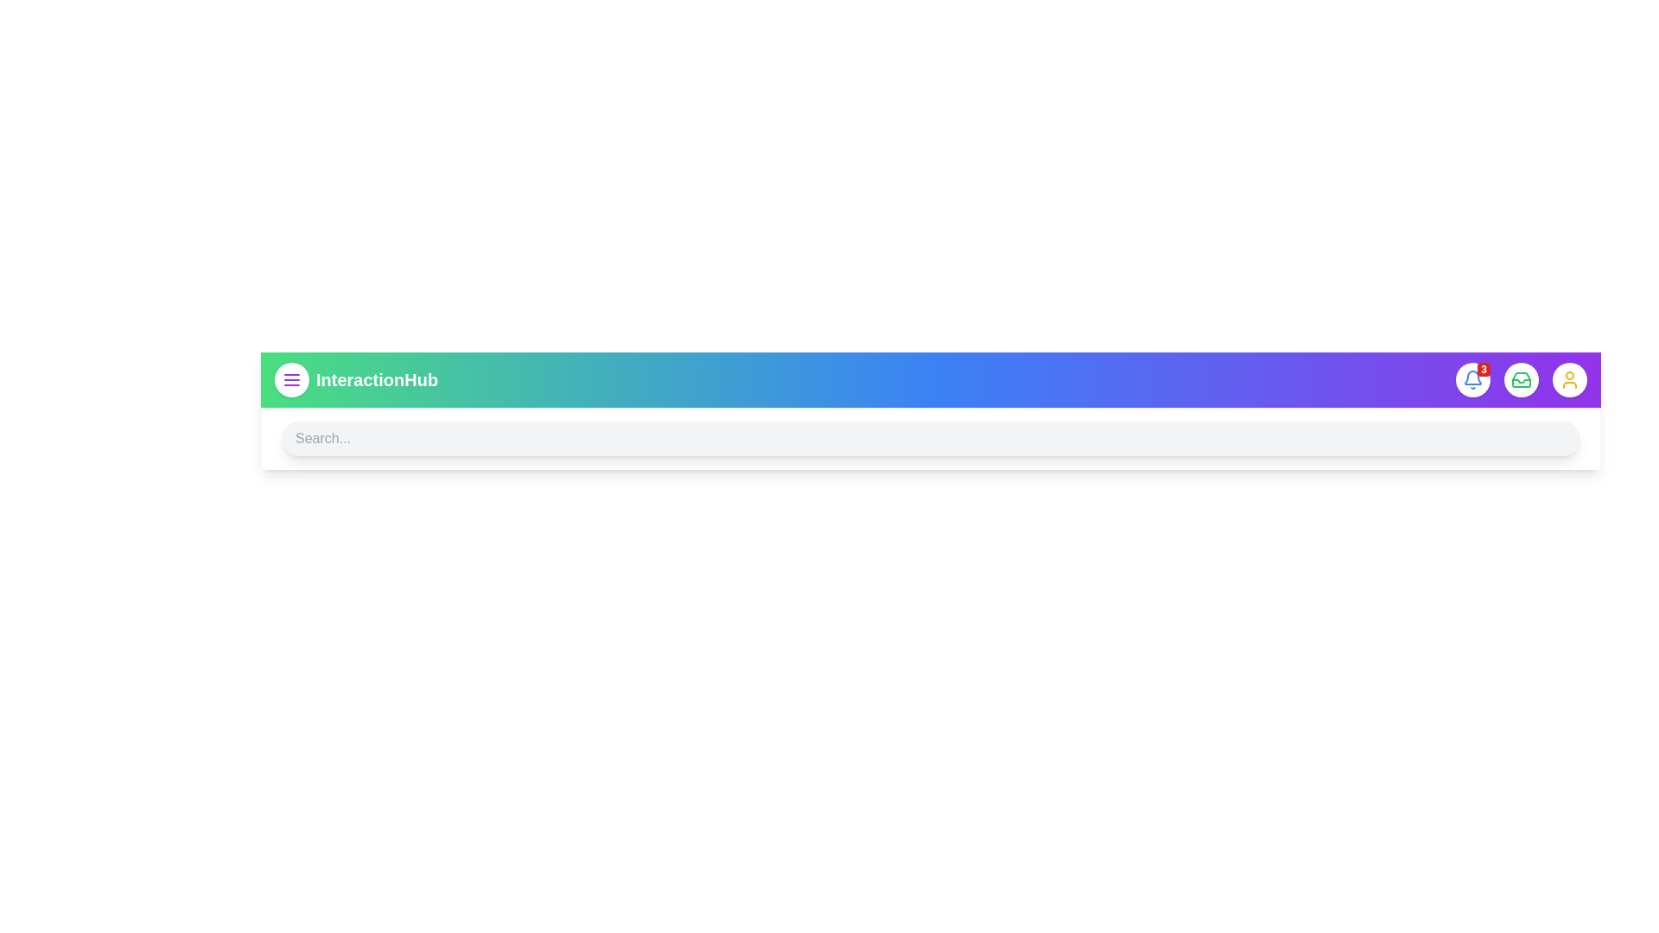 This screenshot has height=933, width=1659. Describe the element at coordinates (930, 438) in the screenshot. I see `the search bar and type 'example query'` at that location.